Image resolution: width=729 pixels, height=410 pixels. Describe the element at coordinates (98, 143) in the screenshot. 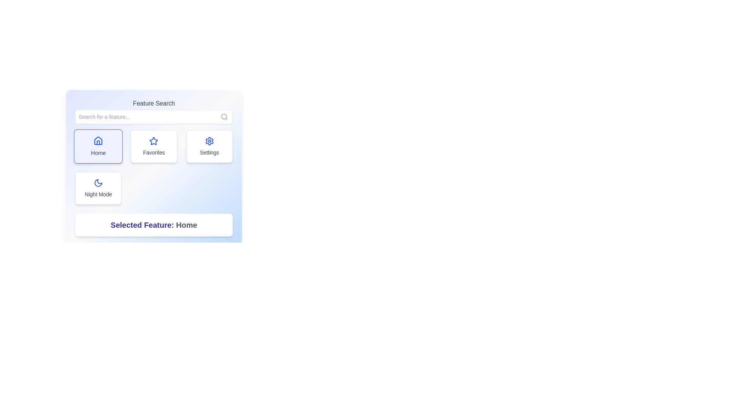

I see `the door shape of the 'Home' icon located at the top-left of the feature selection area in the UI panel` at that location.